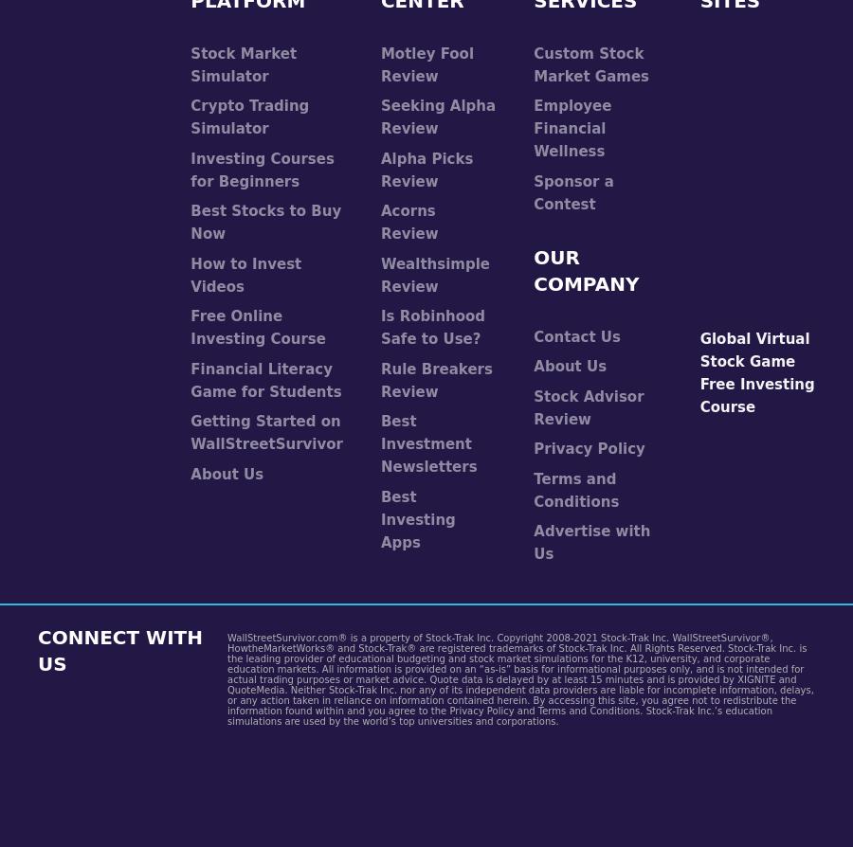 This screenshot has width=853, height=847. I want to click on 'Is Robinhood Safe to Use?', so click(431, 326).